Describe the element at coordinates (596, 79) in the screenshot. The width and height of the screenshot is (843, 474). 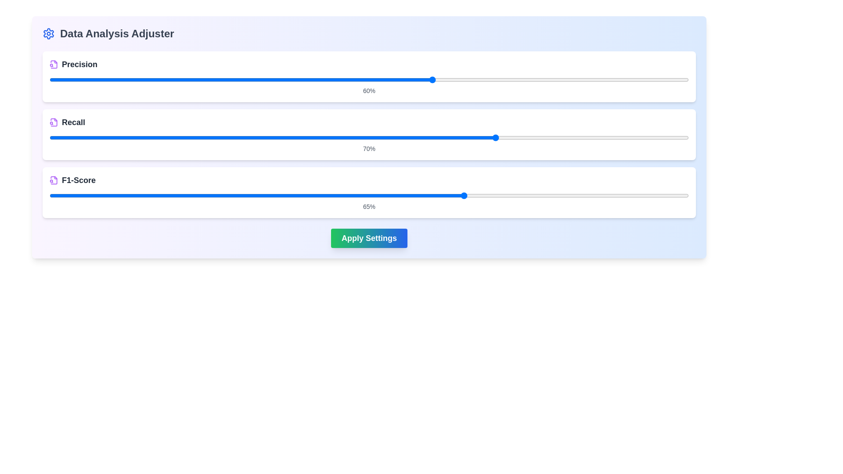
I see `the 0 slider to 71%` at that location.